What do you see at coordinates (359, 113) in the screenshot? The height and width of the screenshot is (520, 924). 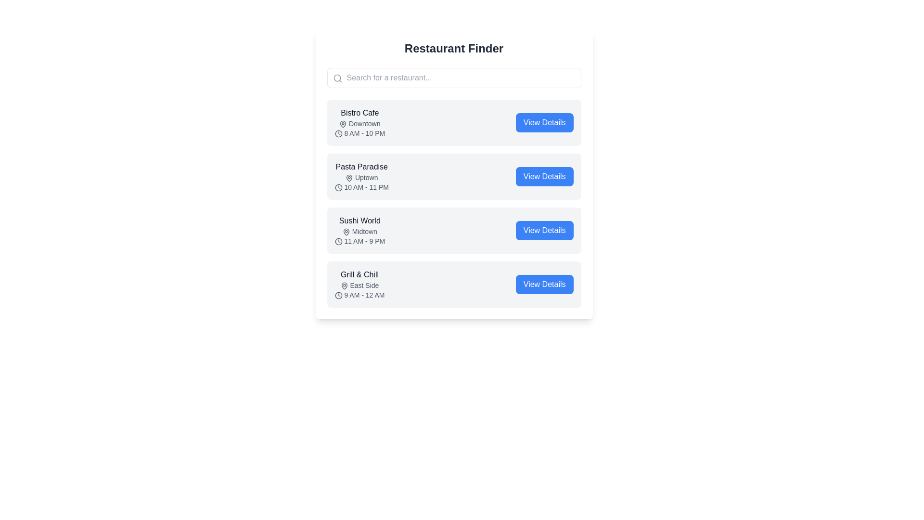 I see `the 'Bistro Cafe' text label` at bounding box center [359, 113].